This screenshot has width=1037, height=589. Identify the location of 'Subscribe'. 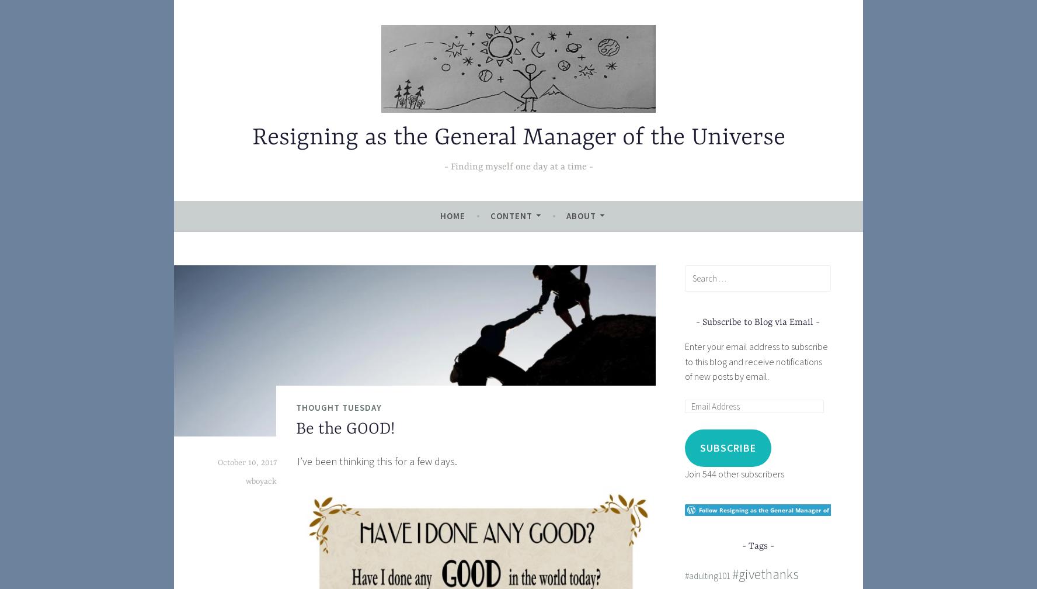
(727, 447).